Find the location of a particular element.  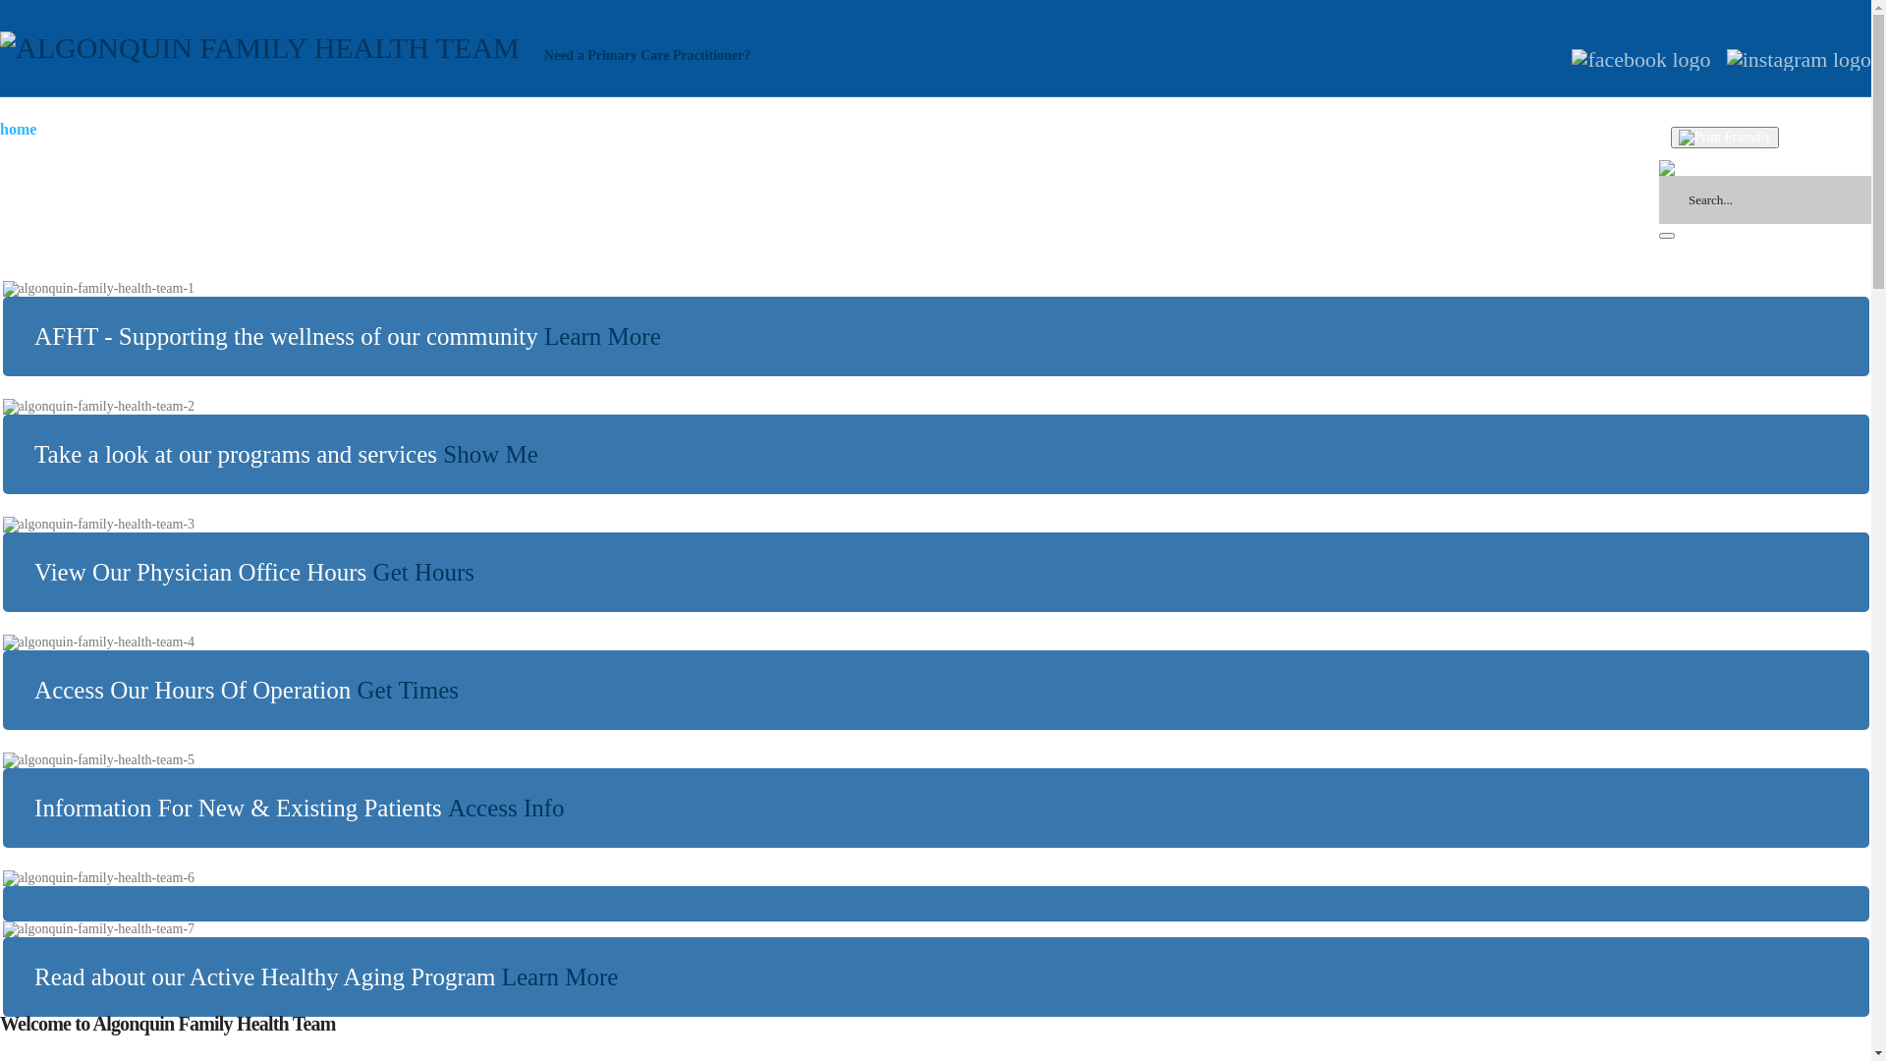

'Link: Hours of Operation is located at coordinates (406, 689).